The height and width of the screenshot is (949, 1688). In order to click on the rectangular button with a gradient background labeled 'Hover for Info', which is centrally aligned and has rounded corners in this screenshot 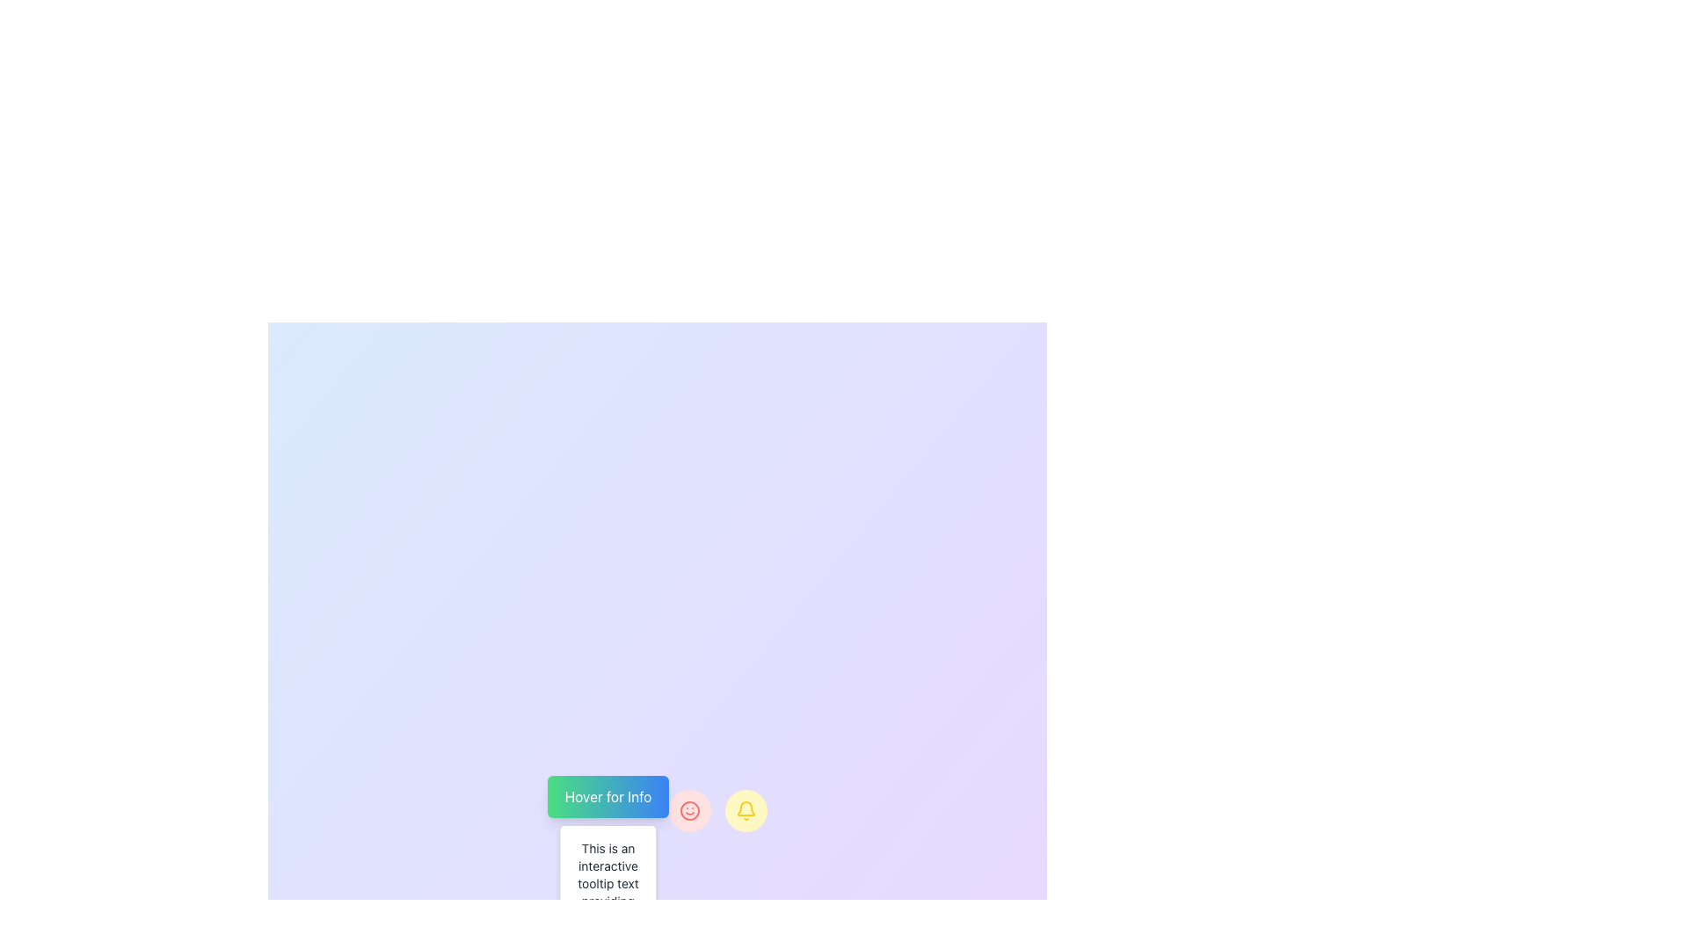, I will do `click(608, 796)`.